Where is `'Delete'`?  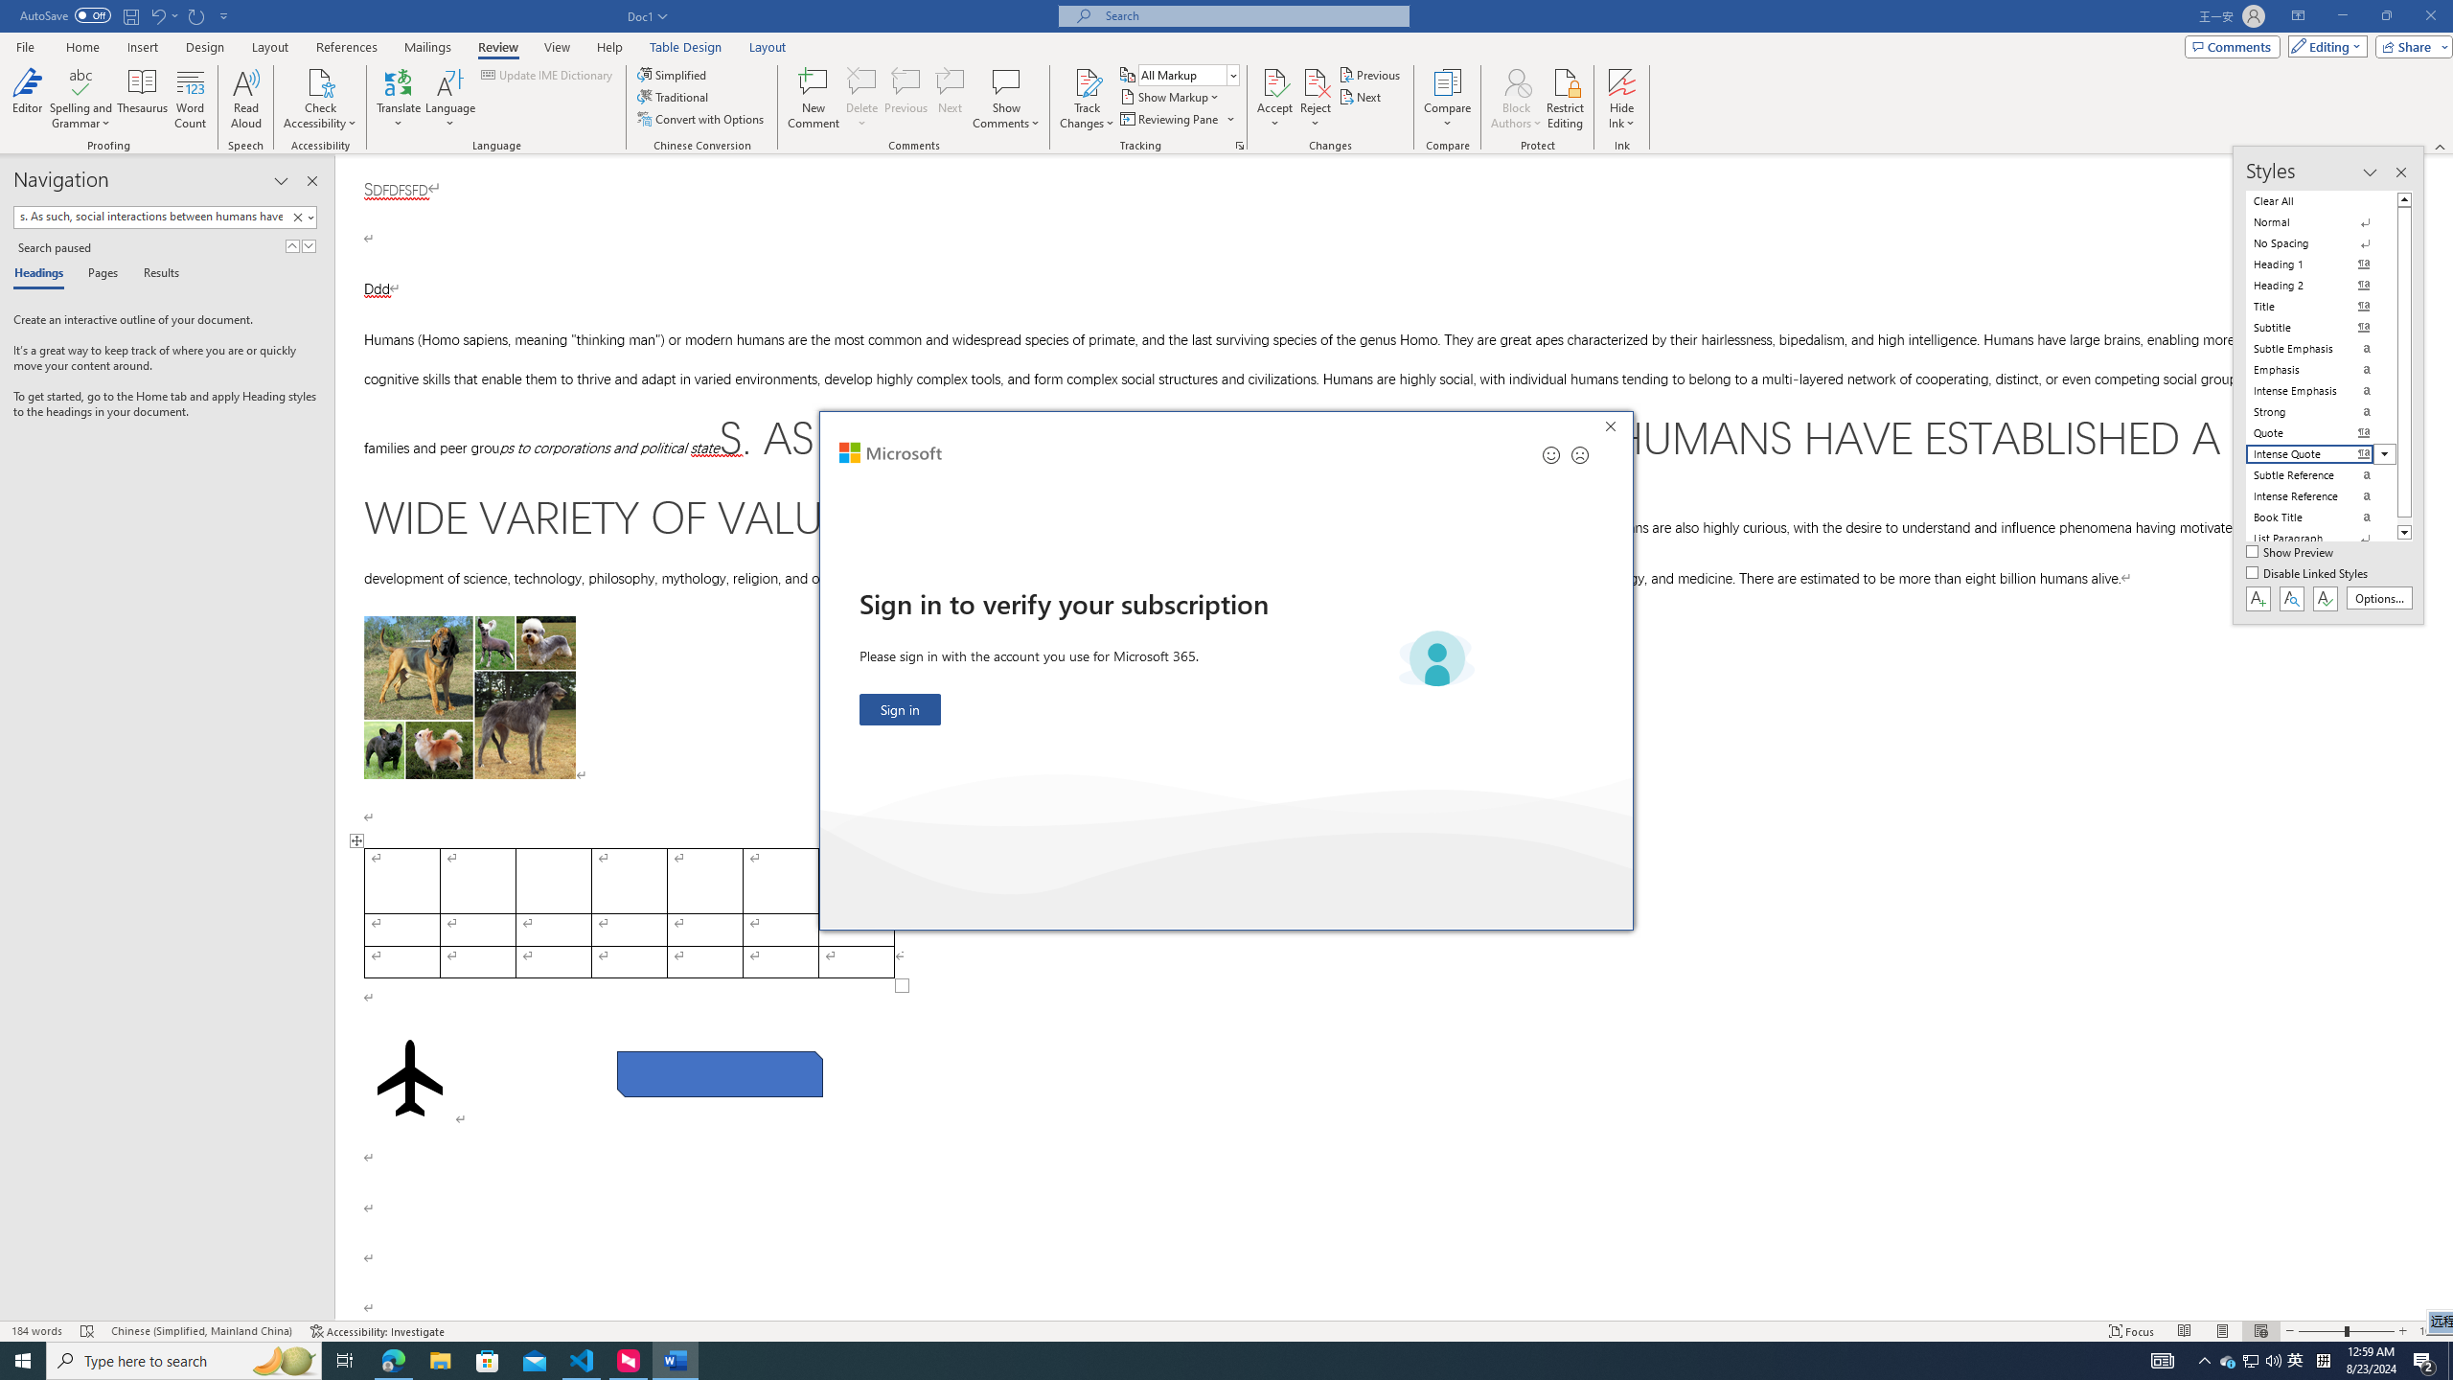 'Delete' is located at coordinates (860, 80).